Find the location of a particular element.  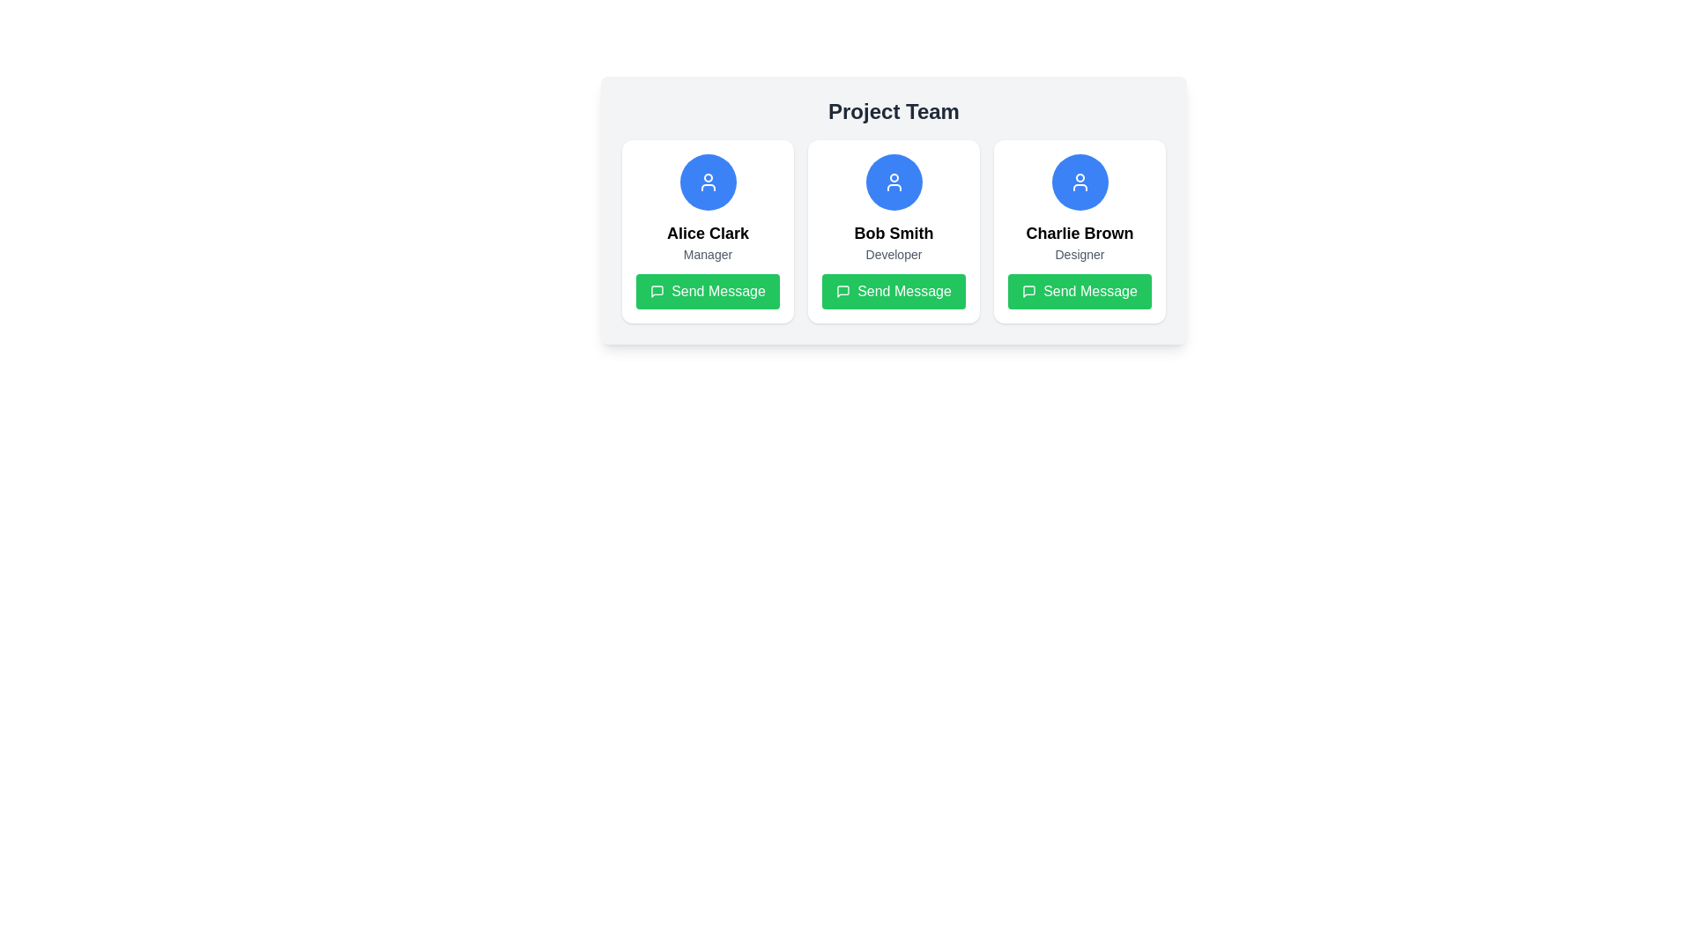

the Text Label that displays a person's name and role, located in the center column of a three-column layout, positioned below a user icon and above a green 'Send Message' button is located at coordinates (894, 242).